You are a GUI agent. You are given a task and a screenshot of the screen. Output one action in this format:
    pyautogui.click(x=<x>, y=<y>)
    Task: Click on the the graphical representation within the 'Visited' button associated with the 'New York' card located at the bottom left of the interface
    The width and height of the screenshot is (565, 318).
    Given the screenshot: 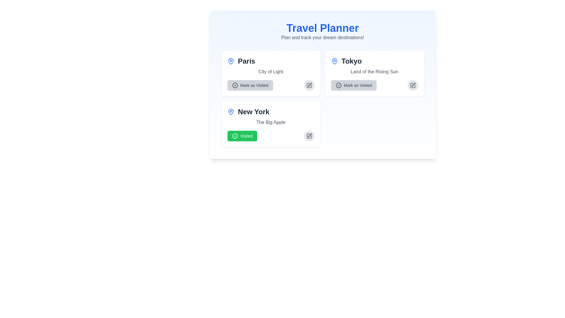 What is the action you would take?
    pyautogui.click(x=235, y=136)
    